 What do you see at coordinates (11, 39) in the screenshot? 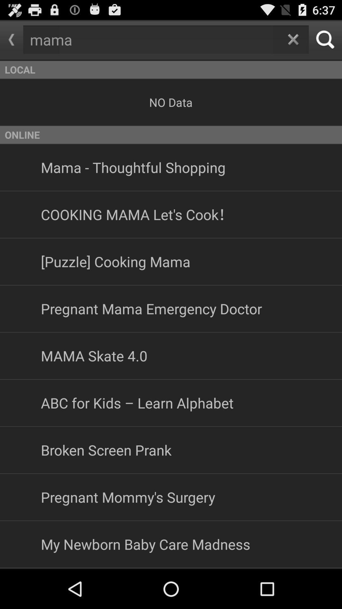
I see `icon next to the mama icon` at bounding box center [11, 39].